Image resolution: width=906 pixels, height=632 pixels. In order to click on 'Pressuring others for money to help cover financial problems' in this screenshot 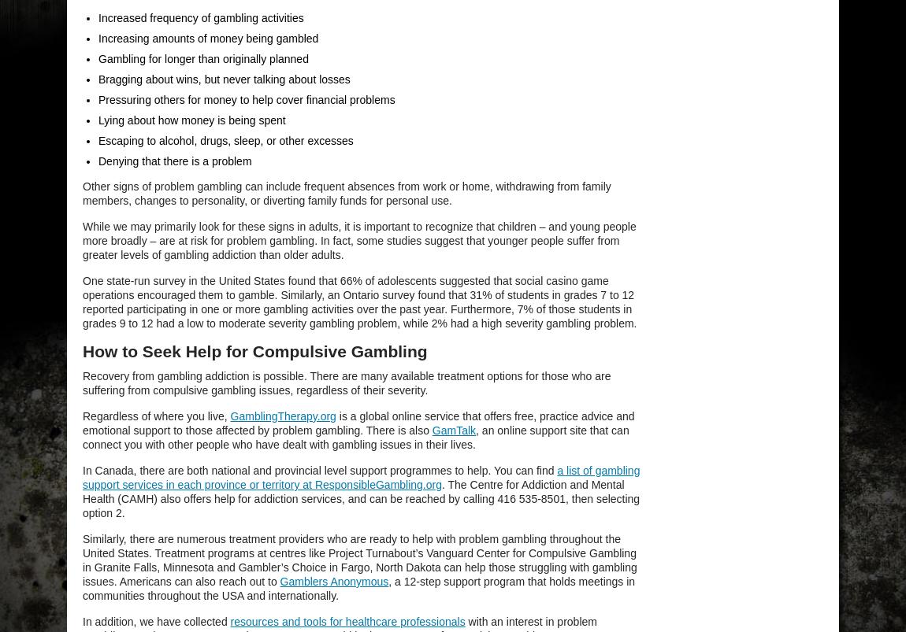, I will do `click(247, 100)`.